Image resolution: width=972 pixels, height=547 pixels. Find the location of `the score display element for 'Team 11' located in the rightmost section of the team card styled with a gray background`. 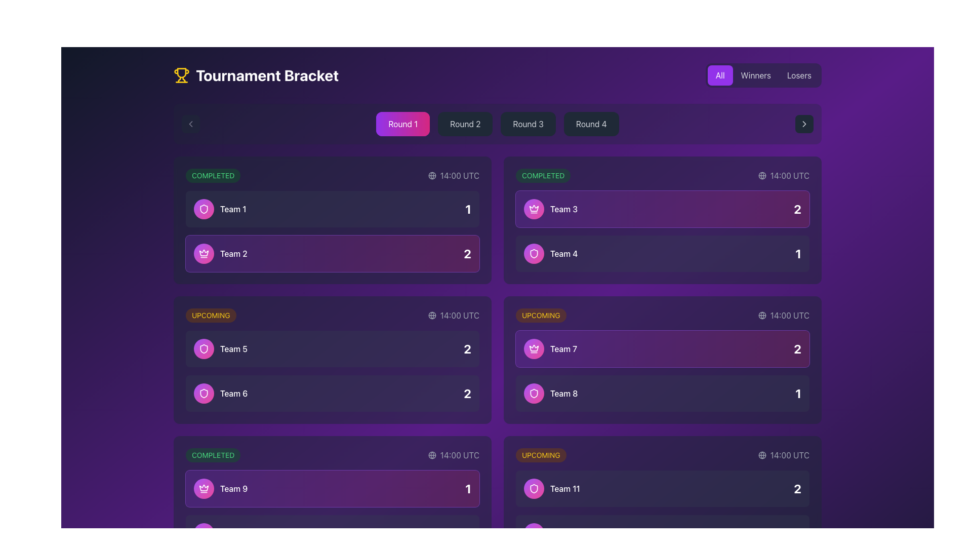

the score display element for 'Team 11' located in the rightmost section of the team card styled with a gray background is located at coordinates (797, 488).